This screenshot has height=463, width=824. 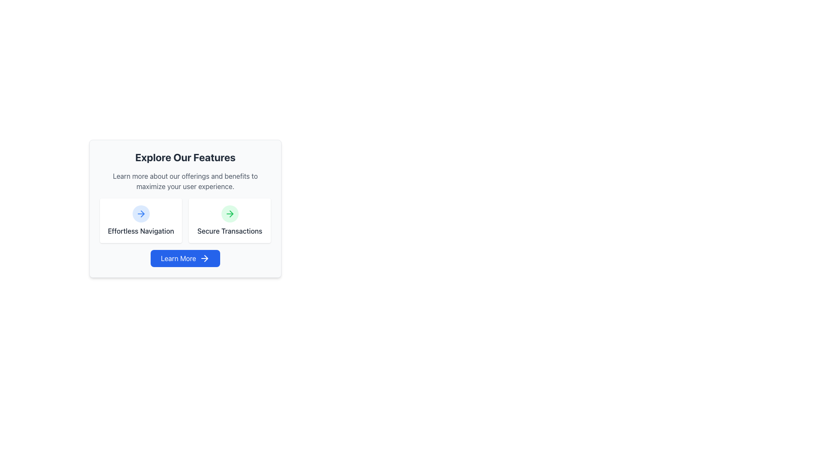 I want to click on the Text header element that introduces the card's content, positioned at the top of the section above the description and feature cards, so click(x=185, y=157).